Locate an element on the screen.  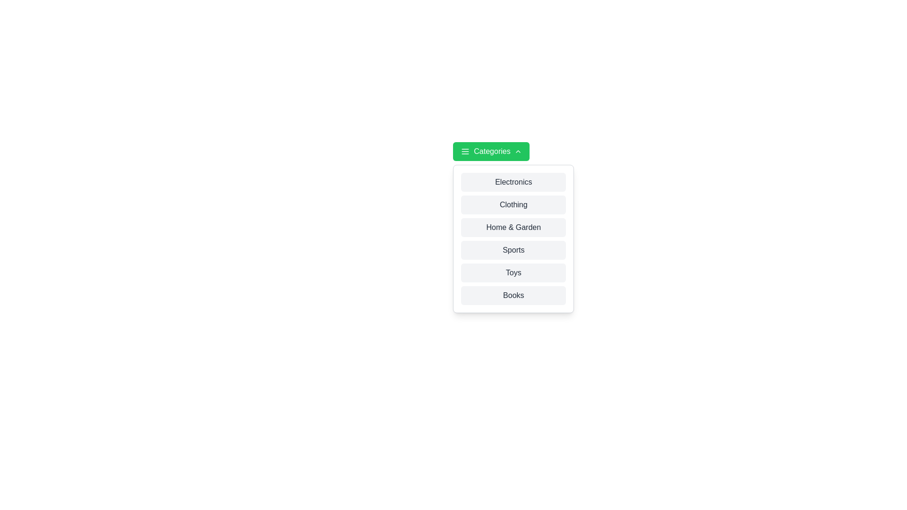
the 'Books' category selection button located at the bottom of the dropdown menu is located at coordinates (513, 295).